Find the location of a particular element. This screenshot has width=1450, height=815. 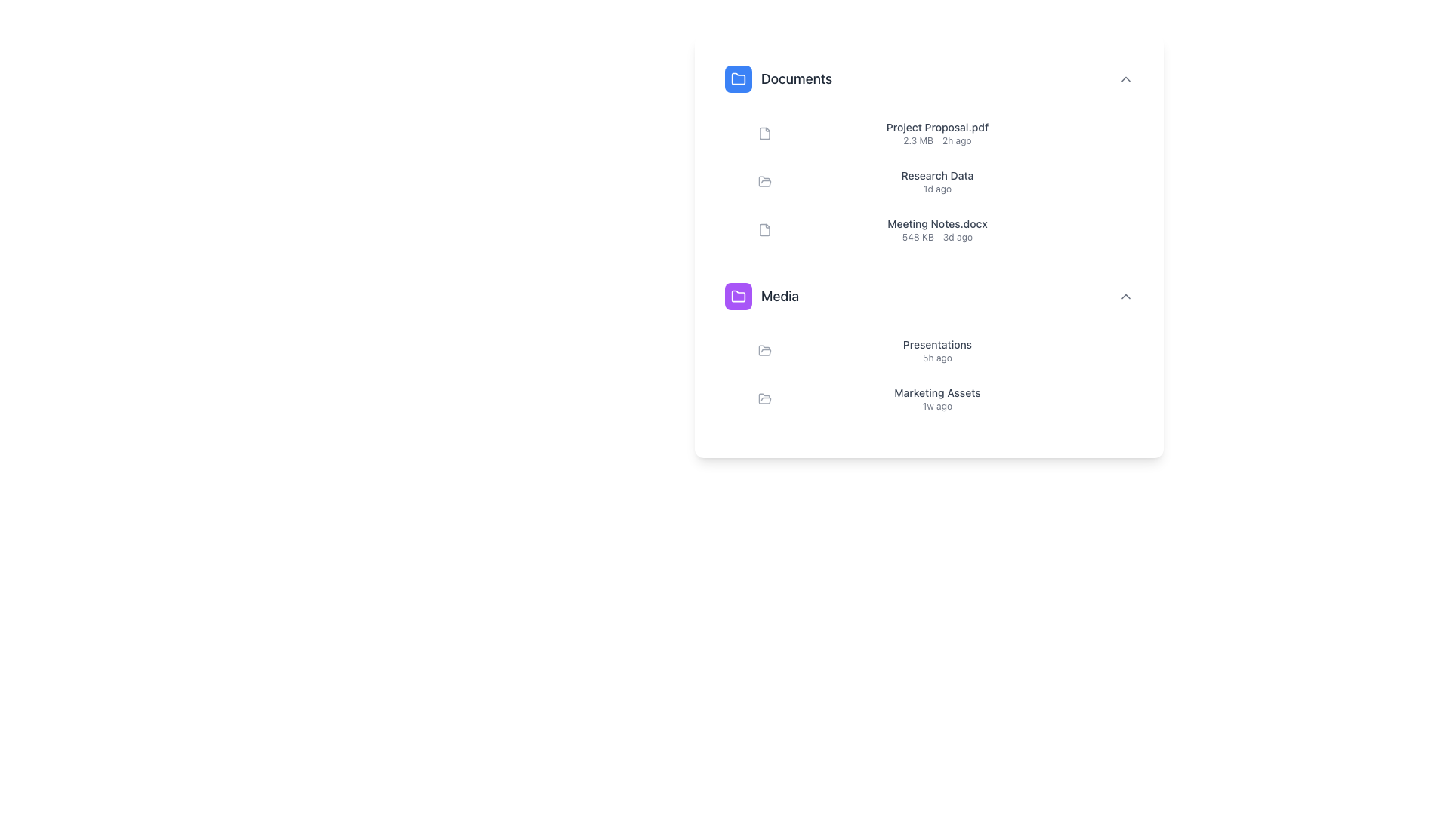

the 'Presentations' text label, which is located is located at coordinates (936, 351).